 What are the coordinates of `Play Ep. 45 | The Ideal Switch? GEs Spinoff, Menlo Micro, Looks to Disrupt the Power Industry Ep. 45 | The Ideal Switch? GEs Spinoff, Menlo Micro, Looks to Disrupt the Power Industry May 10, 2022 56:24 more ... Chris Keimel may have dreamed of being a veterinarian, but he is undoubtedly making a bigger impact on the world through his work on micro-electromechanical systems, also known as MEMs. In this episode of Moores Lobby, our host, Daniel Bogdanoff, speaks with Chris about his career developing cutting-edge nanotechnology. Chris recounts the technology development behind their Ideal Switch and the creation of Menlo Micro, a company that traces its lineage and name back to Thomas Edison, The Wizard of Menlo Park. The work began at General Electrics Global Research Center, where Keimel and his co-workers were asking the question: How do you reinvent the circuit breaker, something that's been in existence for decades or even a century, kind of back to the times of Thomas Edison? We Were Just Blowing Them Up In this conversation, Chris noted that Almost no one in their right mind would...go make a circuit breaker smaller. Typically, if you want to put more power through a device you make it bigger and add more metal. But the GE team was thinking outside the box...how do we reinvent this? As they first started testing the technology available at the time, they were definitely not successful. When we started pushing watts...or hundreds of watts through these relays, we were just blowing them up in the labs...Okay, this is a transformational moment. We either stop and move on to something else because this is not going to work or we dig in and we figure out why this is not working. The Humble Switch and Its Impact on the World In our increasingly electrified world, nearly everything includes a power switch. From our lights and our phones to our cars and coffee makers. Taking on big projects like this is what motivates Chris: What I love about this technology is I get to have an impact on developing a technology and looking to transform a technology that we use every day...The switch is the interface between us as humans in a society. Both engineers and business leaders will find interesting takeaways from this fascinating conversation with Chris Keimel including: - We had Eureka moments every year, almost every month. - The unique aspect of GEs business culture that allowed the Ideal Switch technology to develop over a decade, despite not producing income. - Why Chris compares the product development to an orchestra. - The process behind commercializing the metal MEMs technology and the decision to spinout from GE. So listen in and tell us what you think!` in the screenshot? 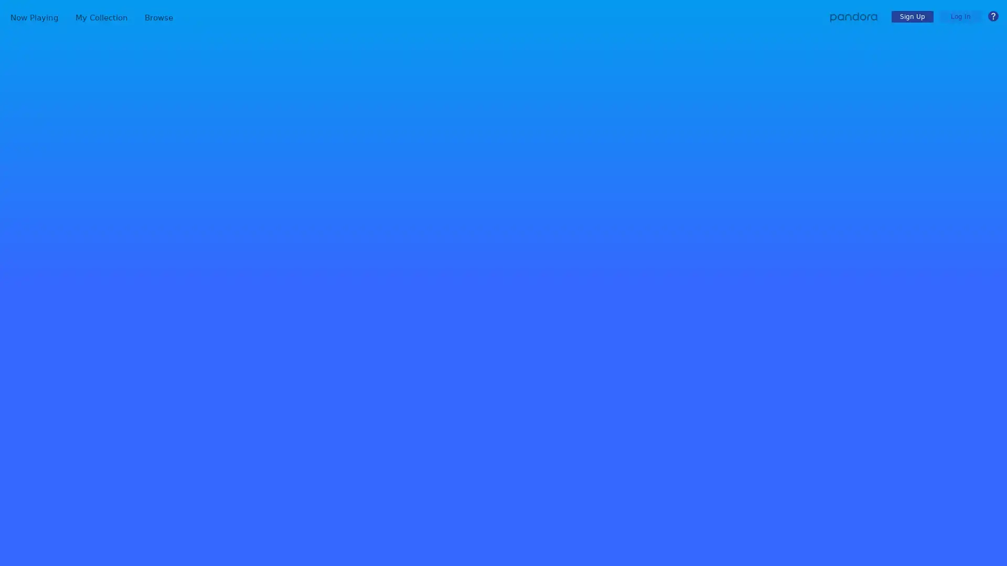 It's located at (674, 430).